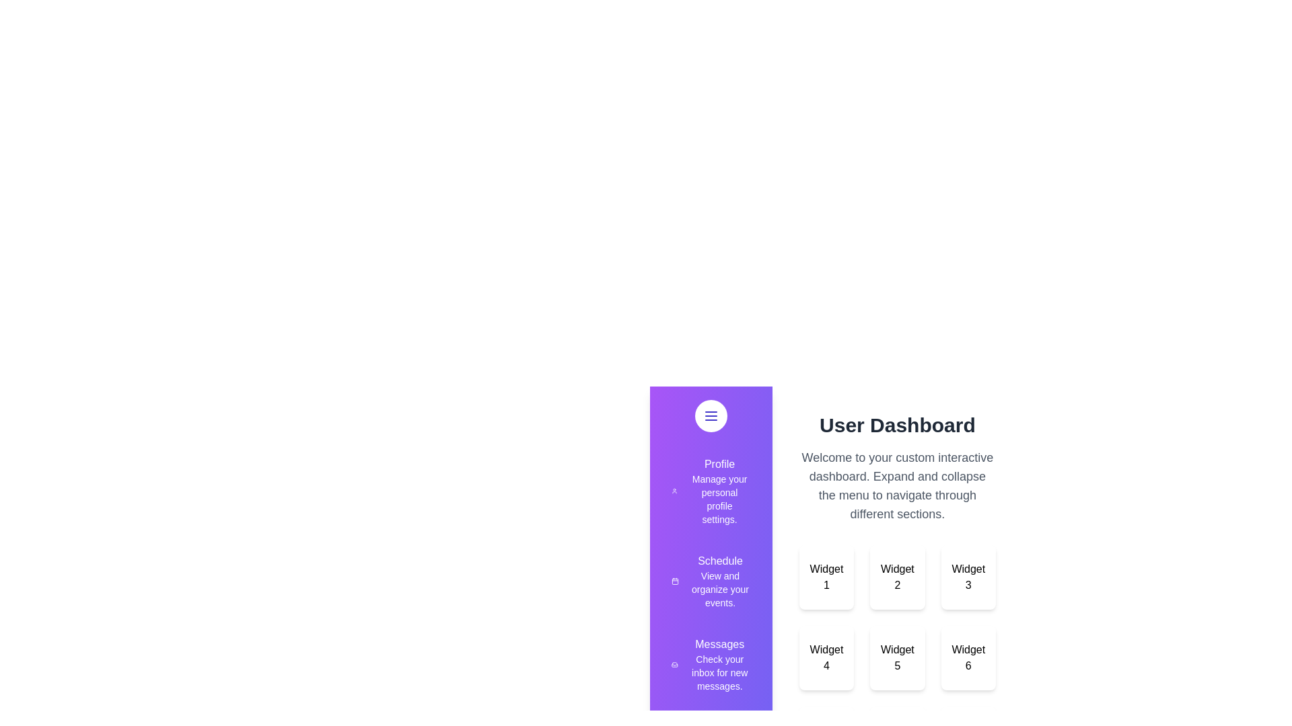 Image resolution: width=1292 pixels, height=726 pixels. What do you see at coordinates (710, 580) in the screenshot?
I see `the section corresponding to Schedule in the drawer` at bounding box center [710, 580].